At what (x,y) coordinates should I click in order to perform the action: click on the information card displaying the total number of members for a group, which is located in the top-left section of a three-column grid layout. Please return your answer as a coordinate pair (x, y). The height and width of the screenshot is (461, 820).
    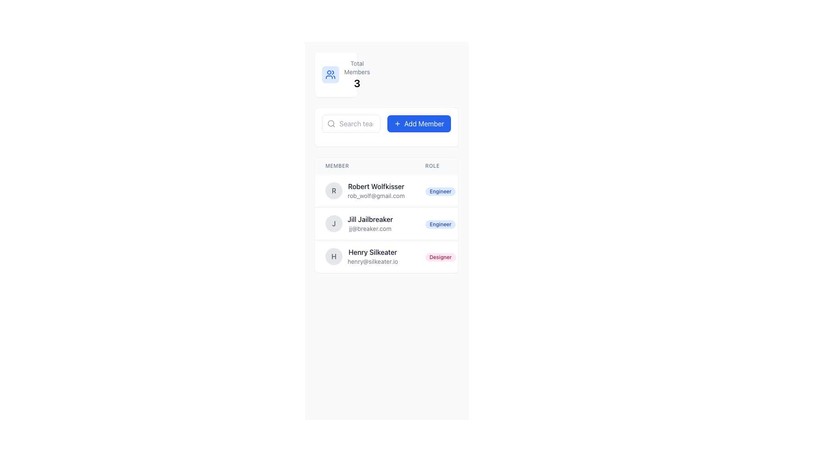
    Looking at the image, I should click on (336, 74).